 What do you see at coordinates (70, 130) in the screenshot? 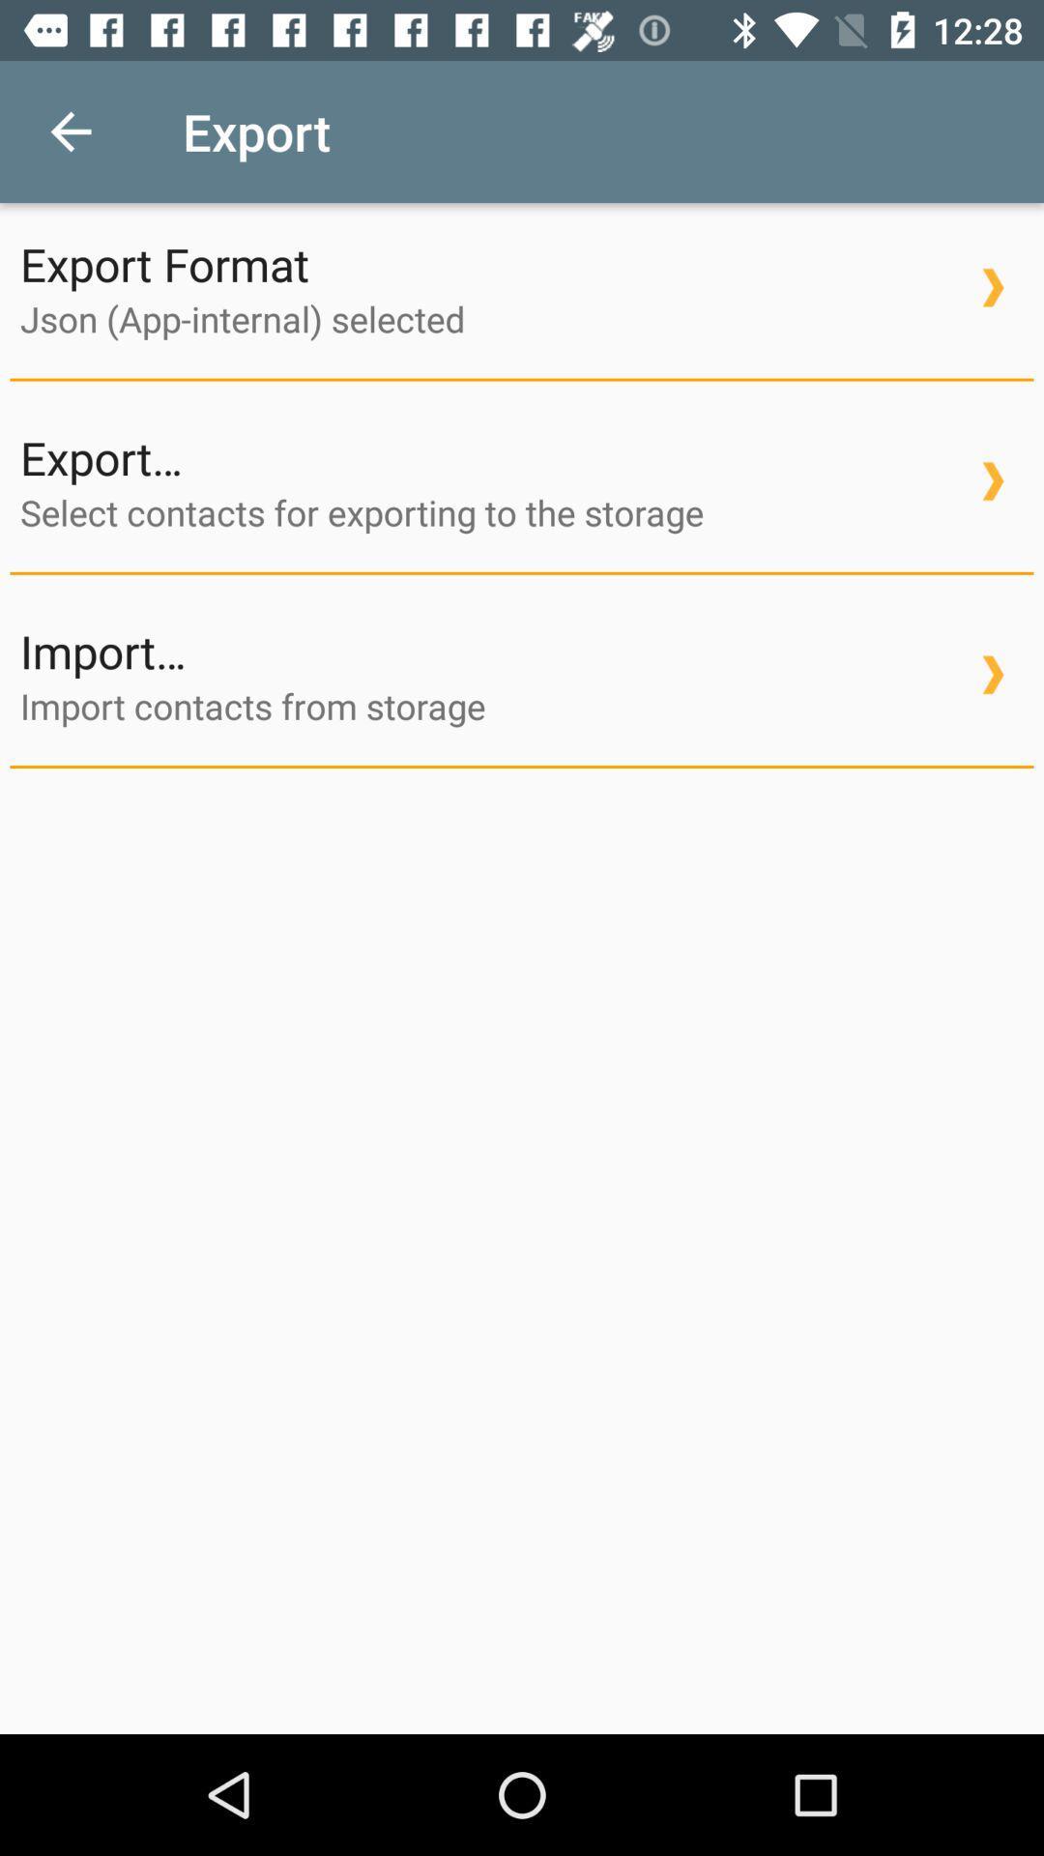
I see `the icon to the left of export` at bounding box center [70, 130].